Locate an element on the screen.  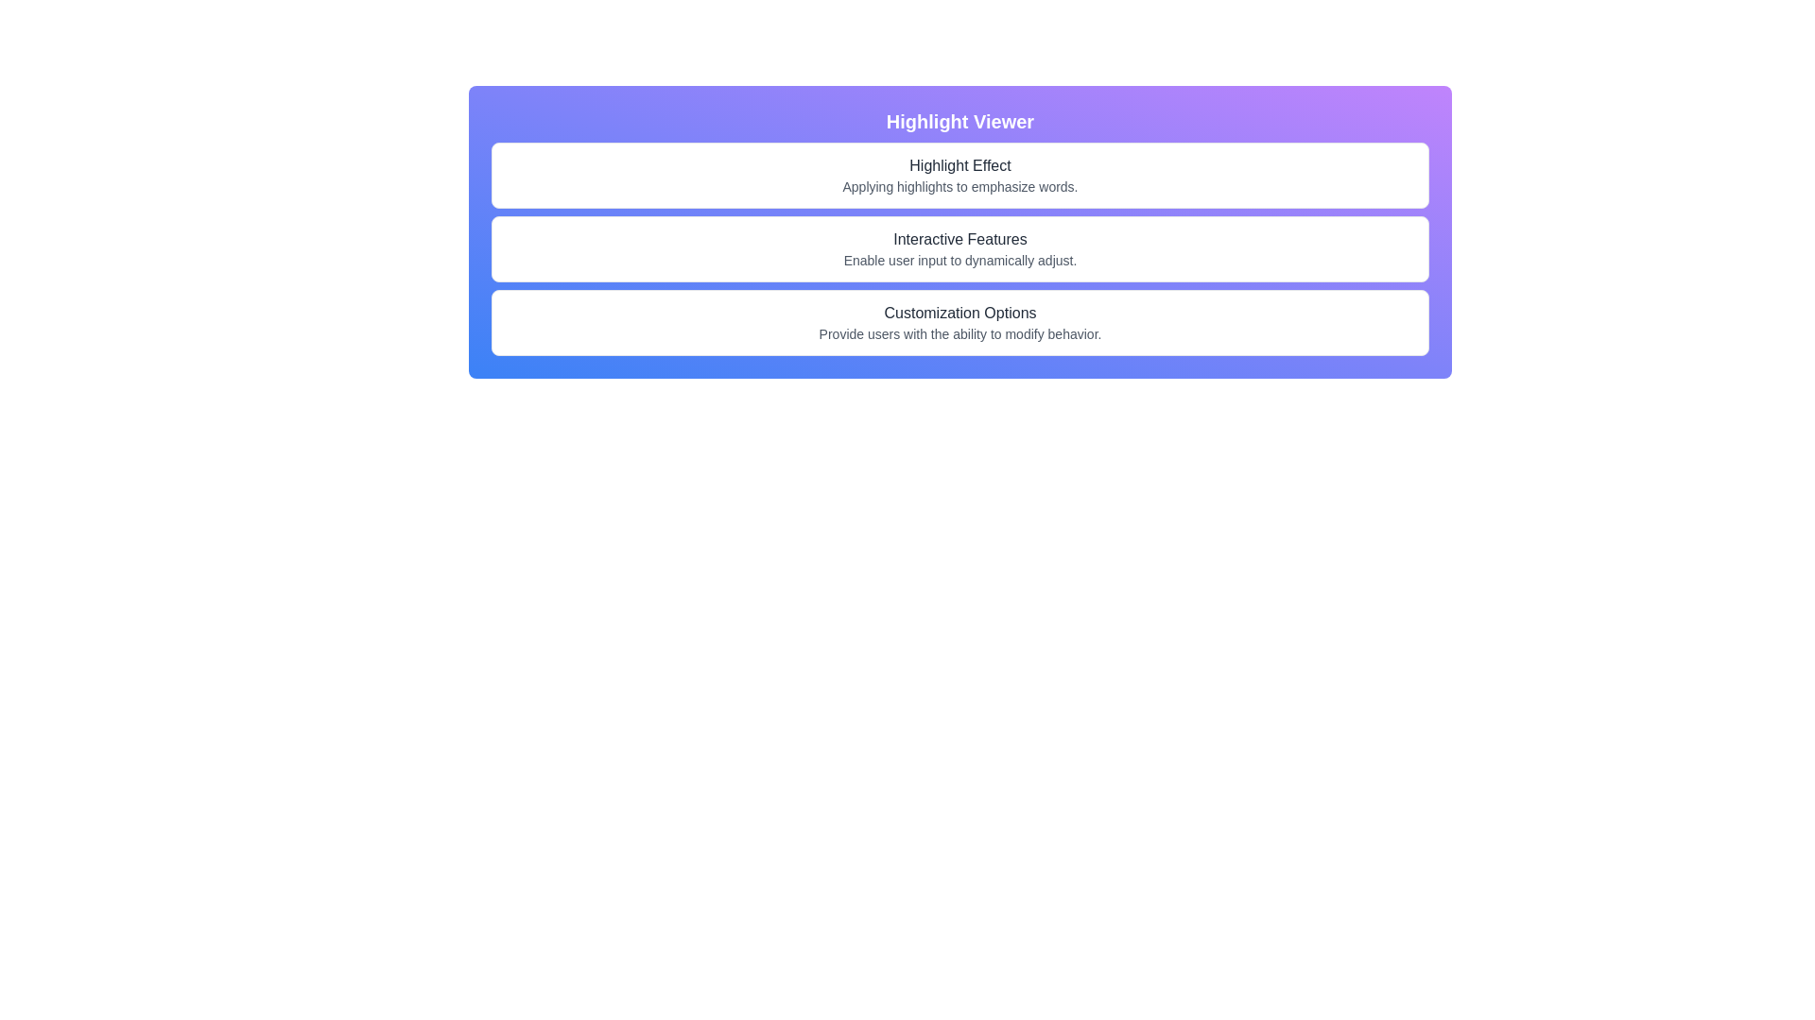
the 16th character of the text 'Customization Options' located in the third row of the interface is located at coordinates (999, 312).